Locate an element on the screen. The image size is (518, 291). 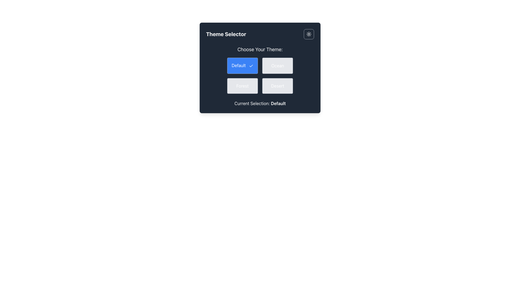
the static text element that indicates the current selected theme, located below the grid of selectable themes, specifically under the label 'Current Selection: Default' is located at coordinates (278, 103).